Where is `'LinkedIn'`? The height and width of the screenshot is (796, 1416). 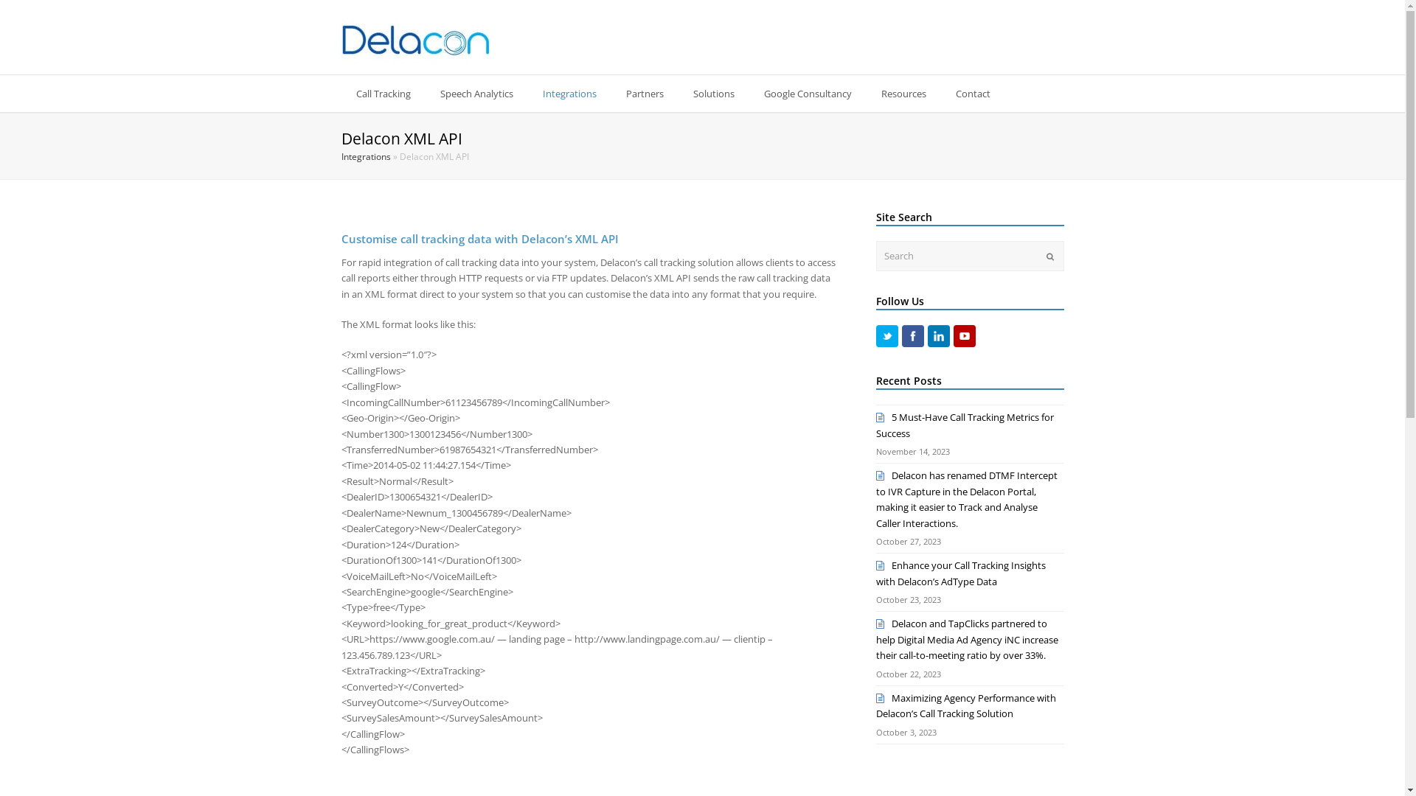 'LinkedIn' is located at coordinates (926, 335).